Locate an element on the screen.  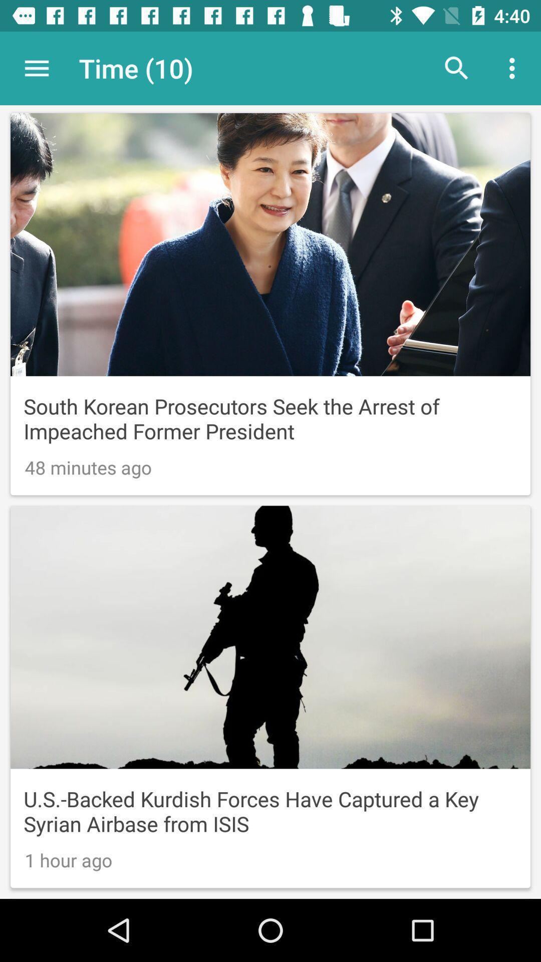
the first image along with text just below the text time is located at coordinates (270, 304).